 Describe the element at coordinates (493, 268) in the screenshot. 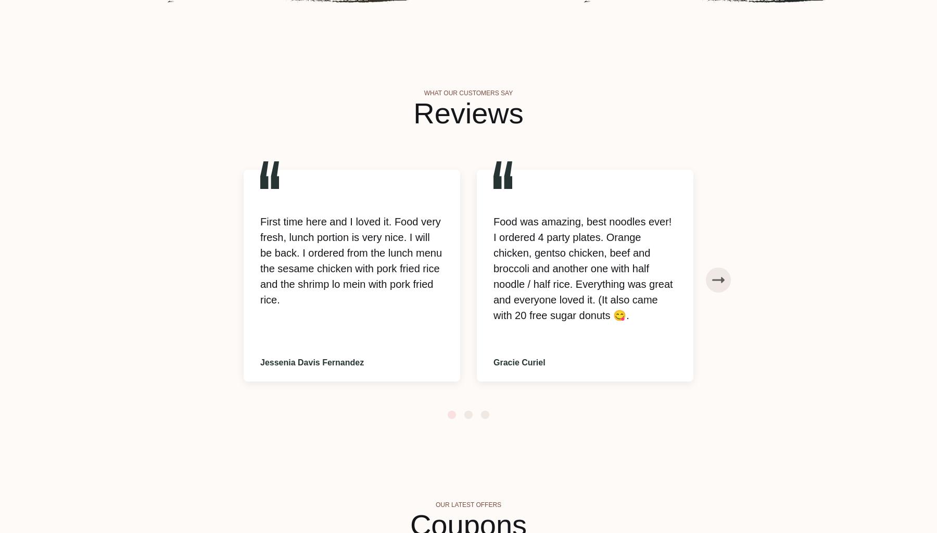

I see `'Food was amazing, best noodles ever! I ordered 4 party plates. Orange chicken, gentso chicken, beef and broccoli and another one with half noodle / half rice. Everything was great and everyone loved it. (It also came with 20 free sugar donuts 😋.'` at that location.